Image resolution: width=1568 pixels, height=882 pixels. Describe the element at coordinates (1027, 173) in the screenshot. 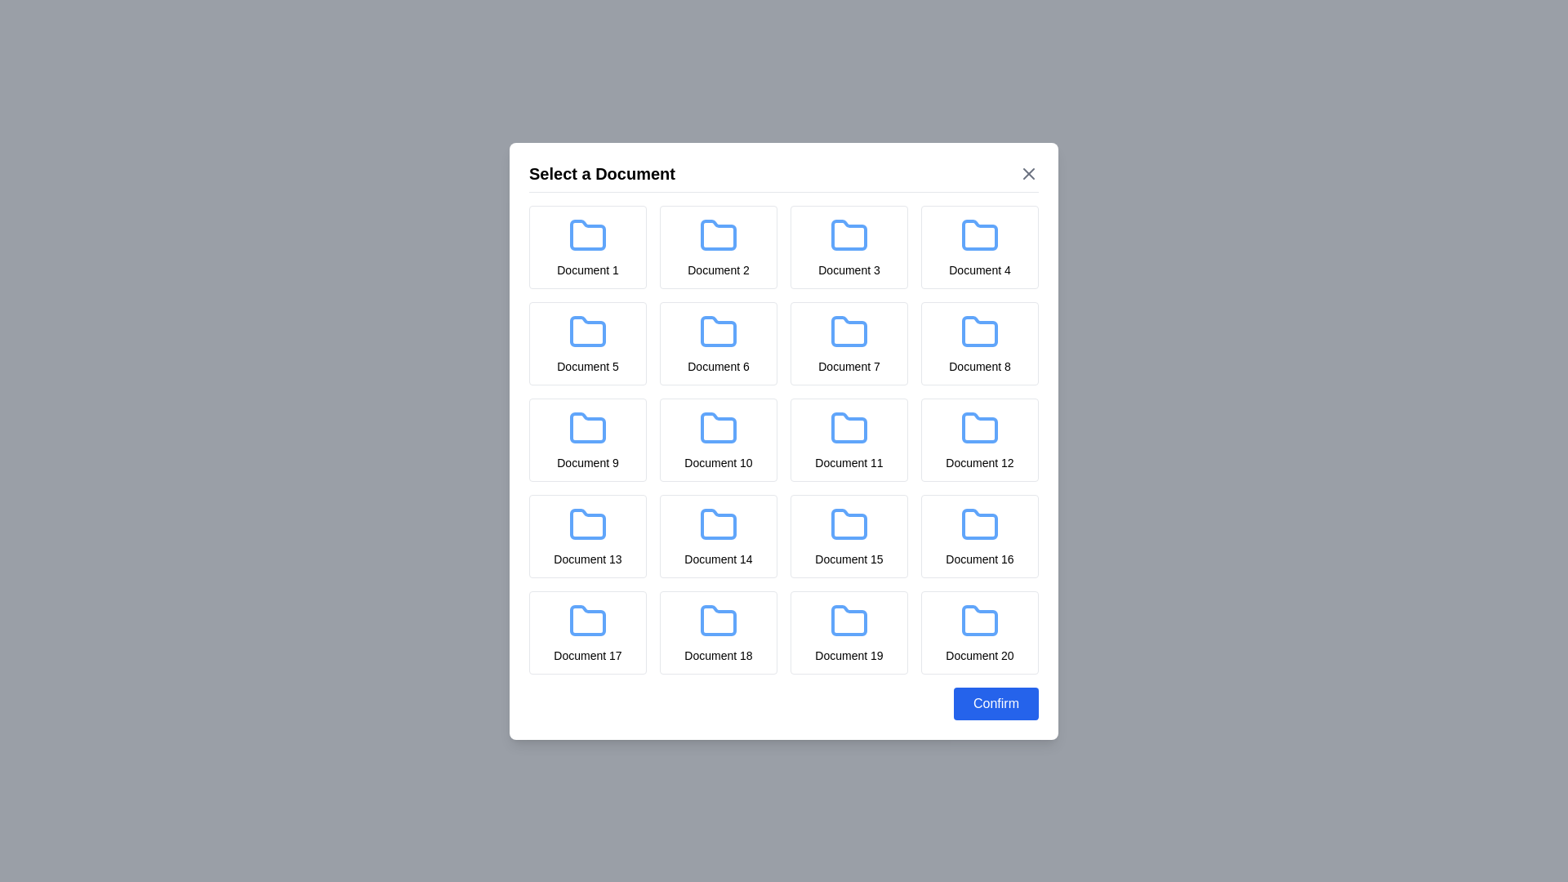

I see `the close button to close the dialog` at that location.